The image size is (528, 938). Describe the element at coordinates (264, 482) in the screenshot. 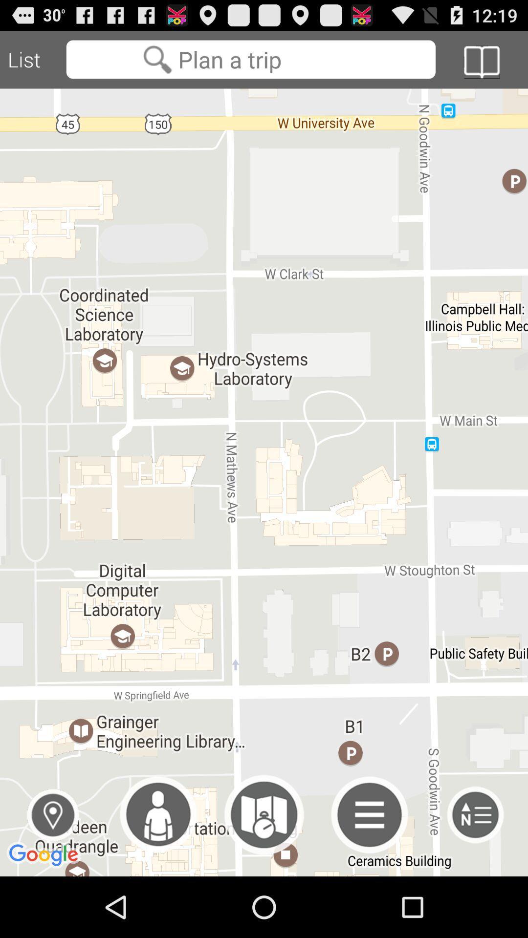

I see `the app below list icon` at that location.